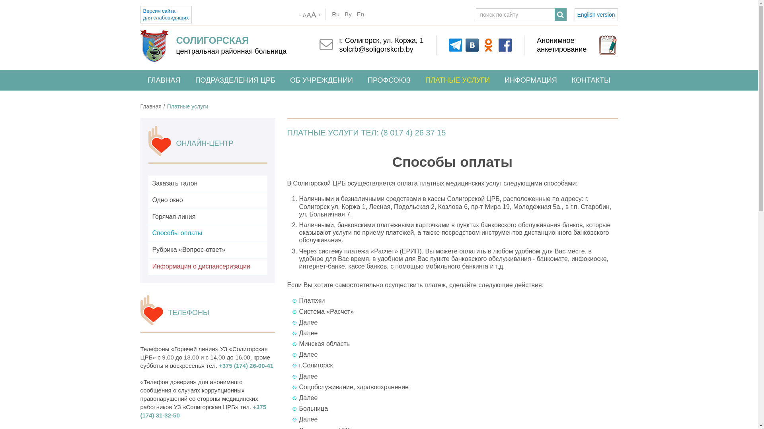 Image resolution: width=764 pixels, height=429 pixels. Describe the element at coordinates (299, 15) in the screenshot. I see `'-'` at that location.